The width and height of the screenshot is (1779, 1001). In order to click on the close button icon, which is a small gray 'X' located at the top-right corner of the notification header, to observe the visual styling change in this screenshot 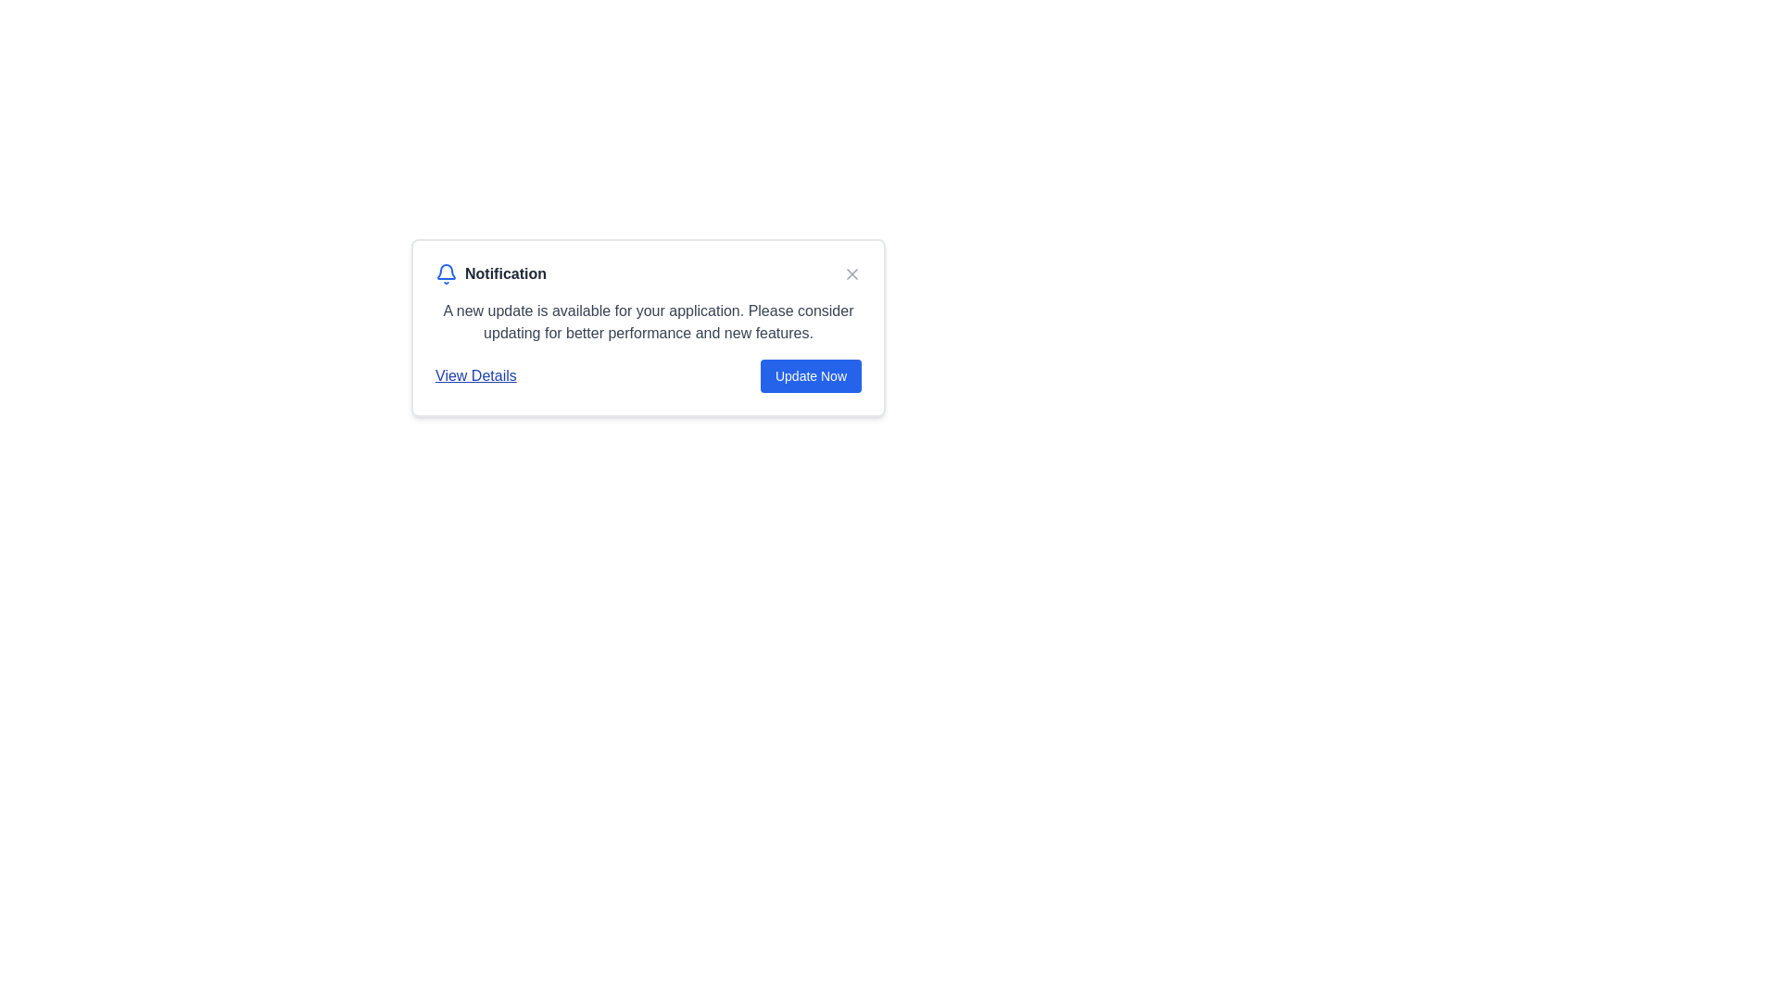, I will do `click(852, 274)`.